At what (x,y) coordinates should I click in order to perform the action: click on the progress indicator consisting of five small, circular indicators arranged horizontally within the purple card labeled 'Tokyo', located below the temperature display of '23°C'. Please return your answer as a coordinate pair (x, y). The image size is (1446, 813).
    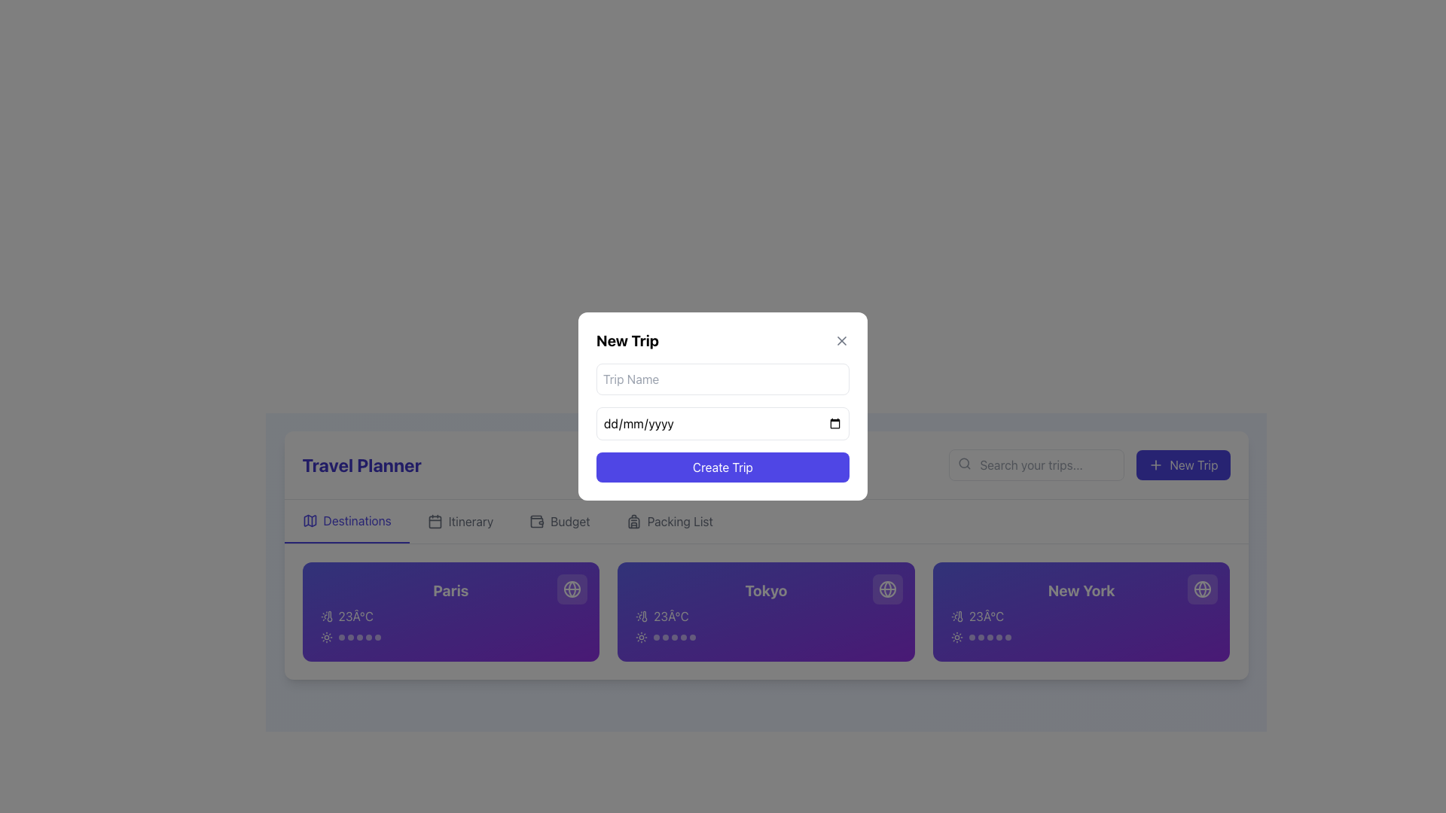
    Looking at the image, I should click on (766, 638).